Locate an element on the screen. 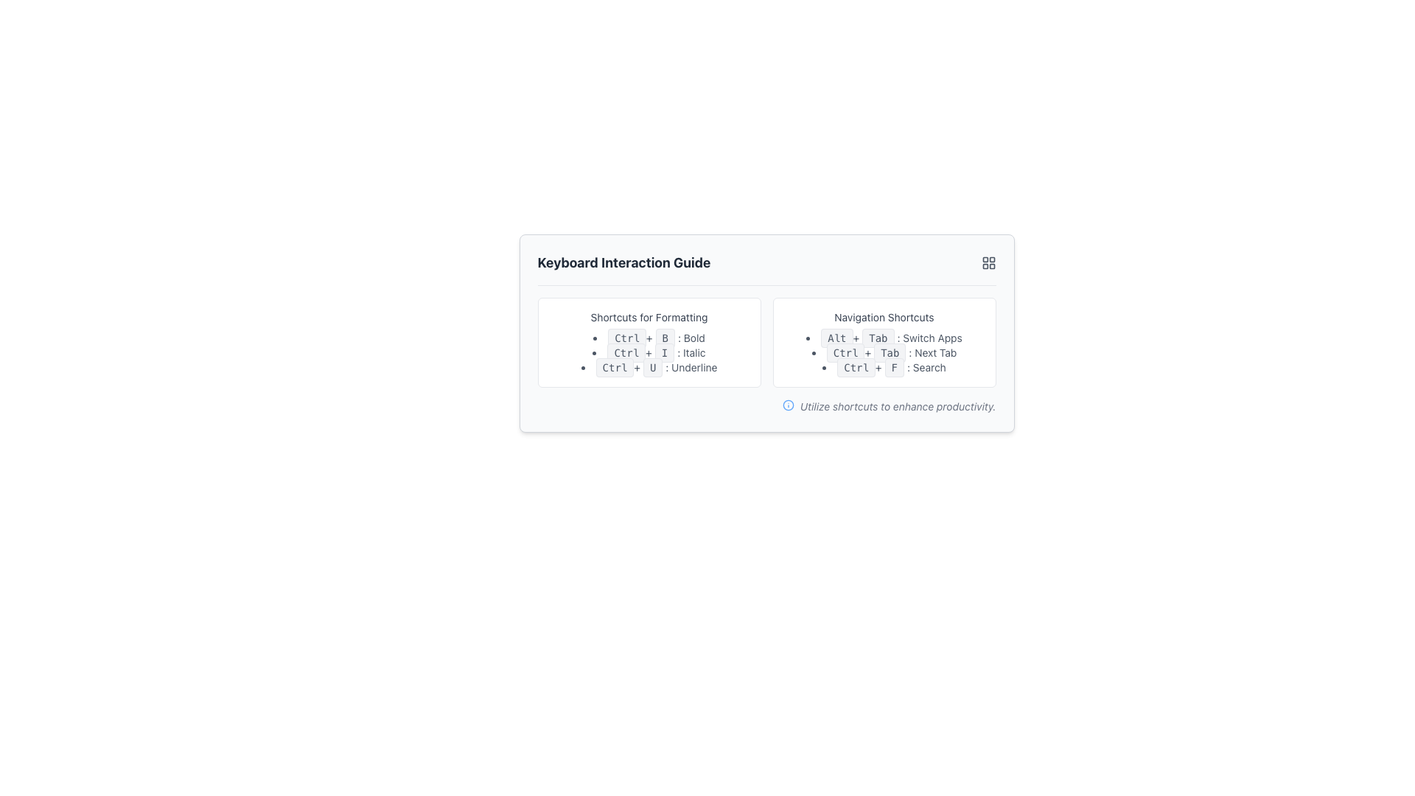  text labeled 'Ctrl+B: Bold' which is the first item in the 'Shortcuts for Formatting' section of the guide is located at coordinates (649, 338).